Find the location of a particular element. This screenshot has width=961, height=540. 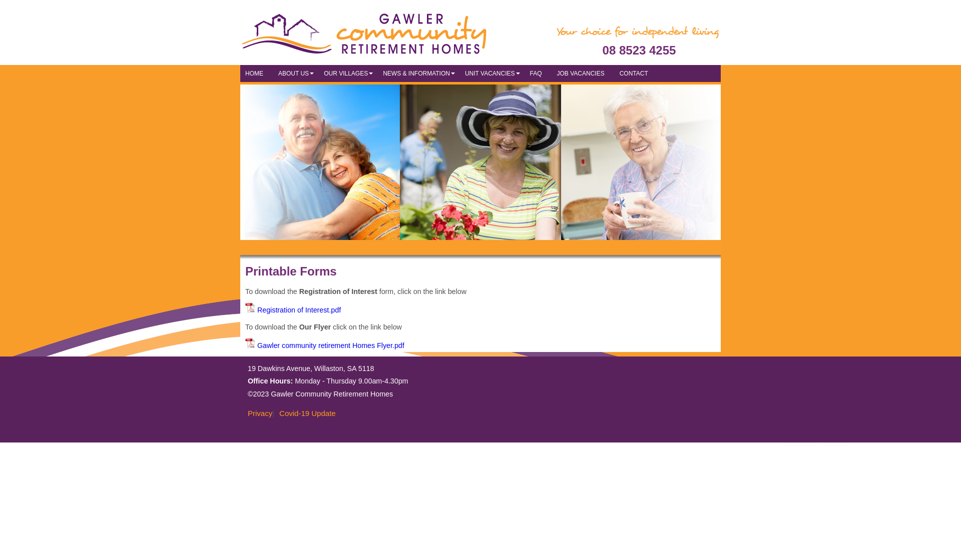

'OUR VILLAGES' is located at coordinates (348, 72).